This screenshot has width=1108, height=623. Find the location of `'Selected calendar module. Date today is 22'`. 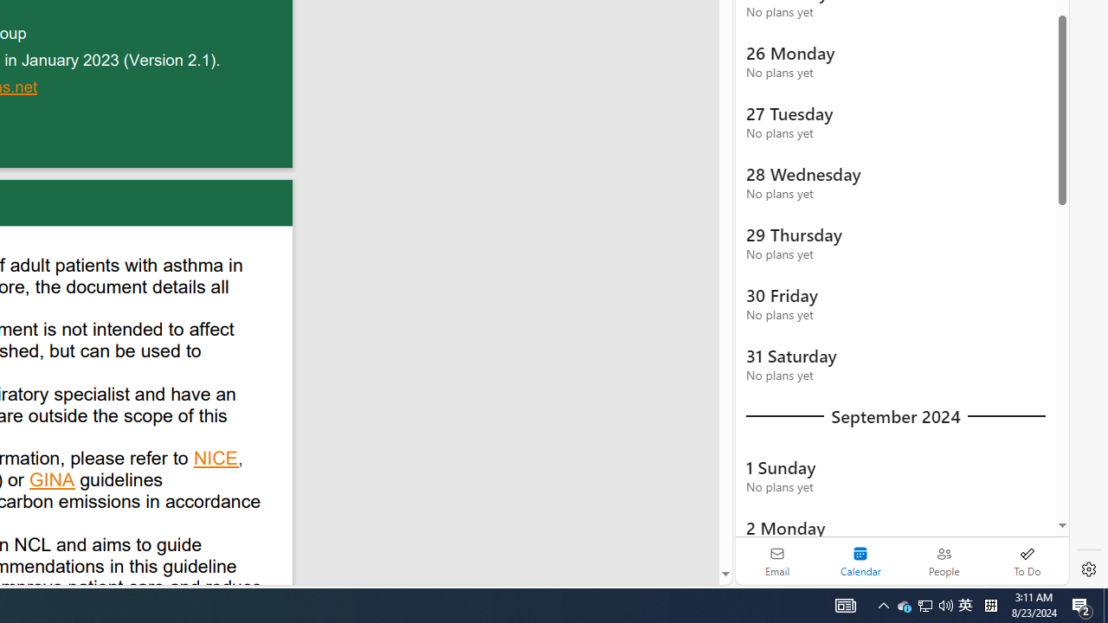

'Selected calendar module. Date today is 22' is located at coordinates (860, 561).